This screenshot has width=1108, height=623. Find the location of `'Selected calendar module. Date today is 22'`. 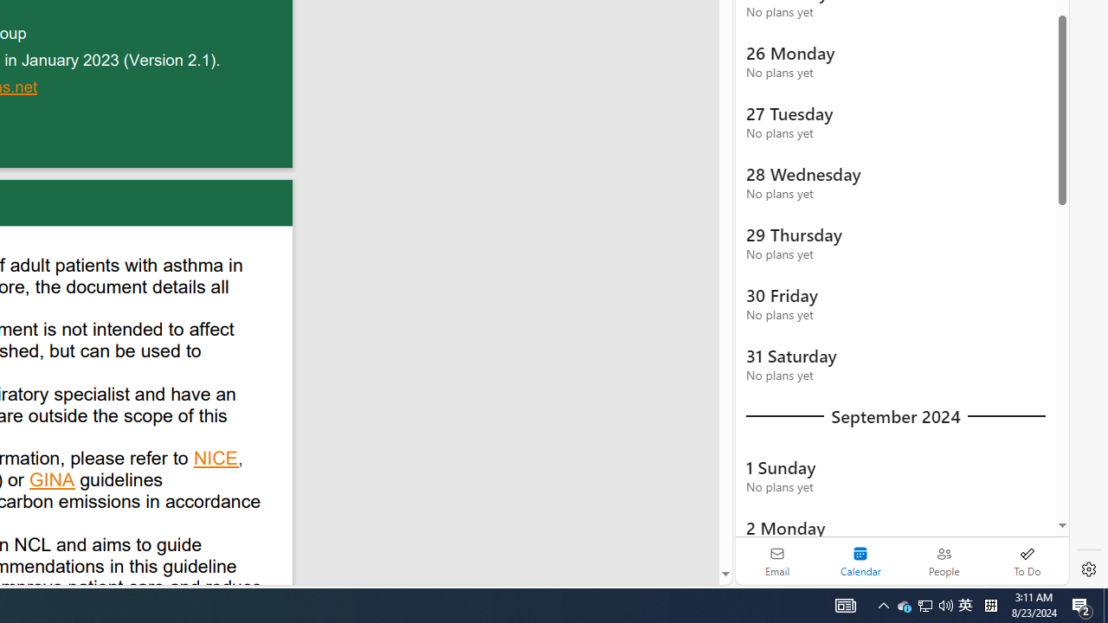

'Selected calendar module. Date today is 22' is located at coordinates (860, 561).